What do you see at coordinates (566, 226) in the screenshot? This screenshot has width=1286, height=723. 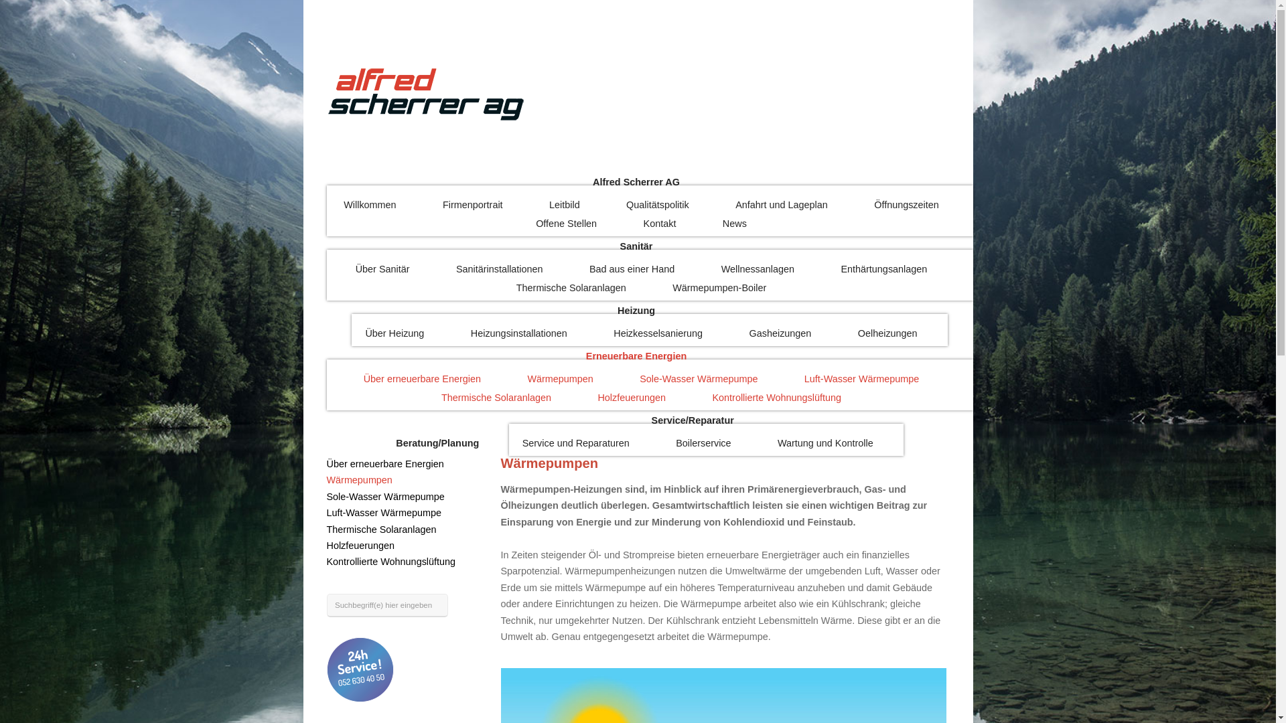 I see `'Offene Stellen'` at bounding box center [566, 226].